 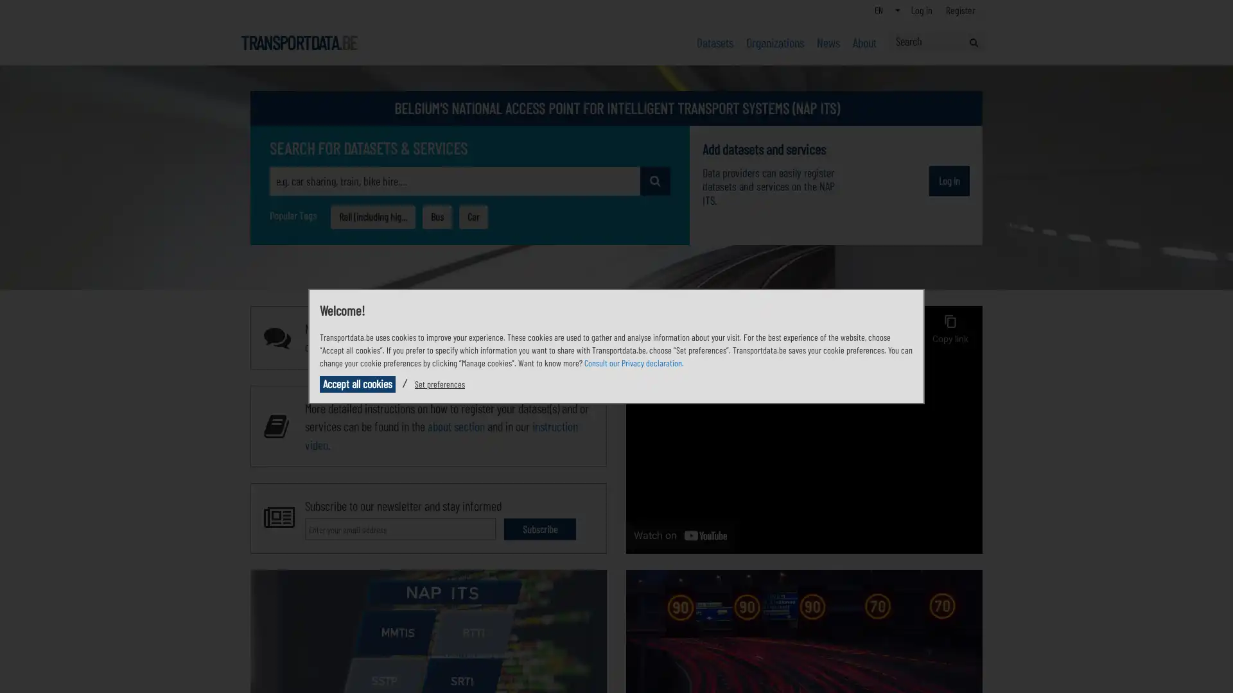 What do you see at coordinates (539, 529) in the screenshot?
I see `Subscribe` at bounding box center [539, 529].